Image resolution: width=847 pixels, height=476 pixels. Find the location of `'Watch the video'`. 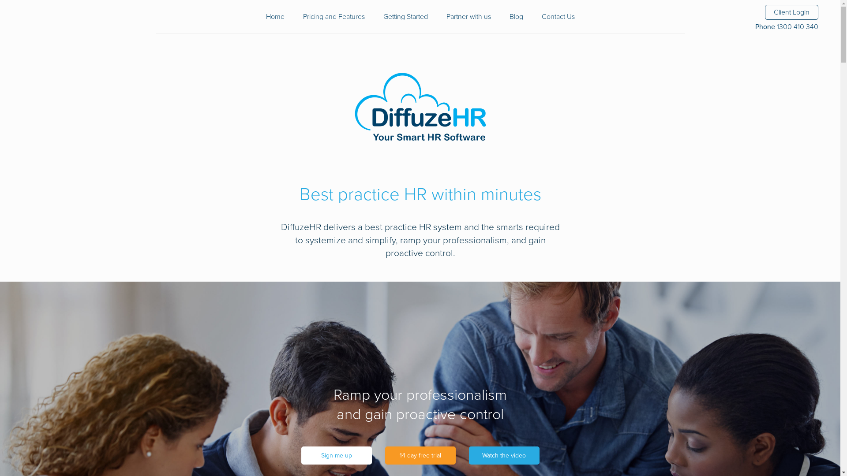

'Watch the video' is located at coordinates (504, 455).